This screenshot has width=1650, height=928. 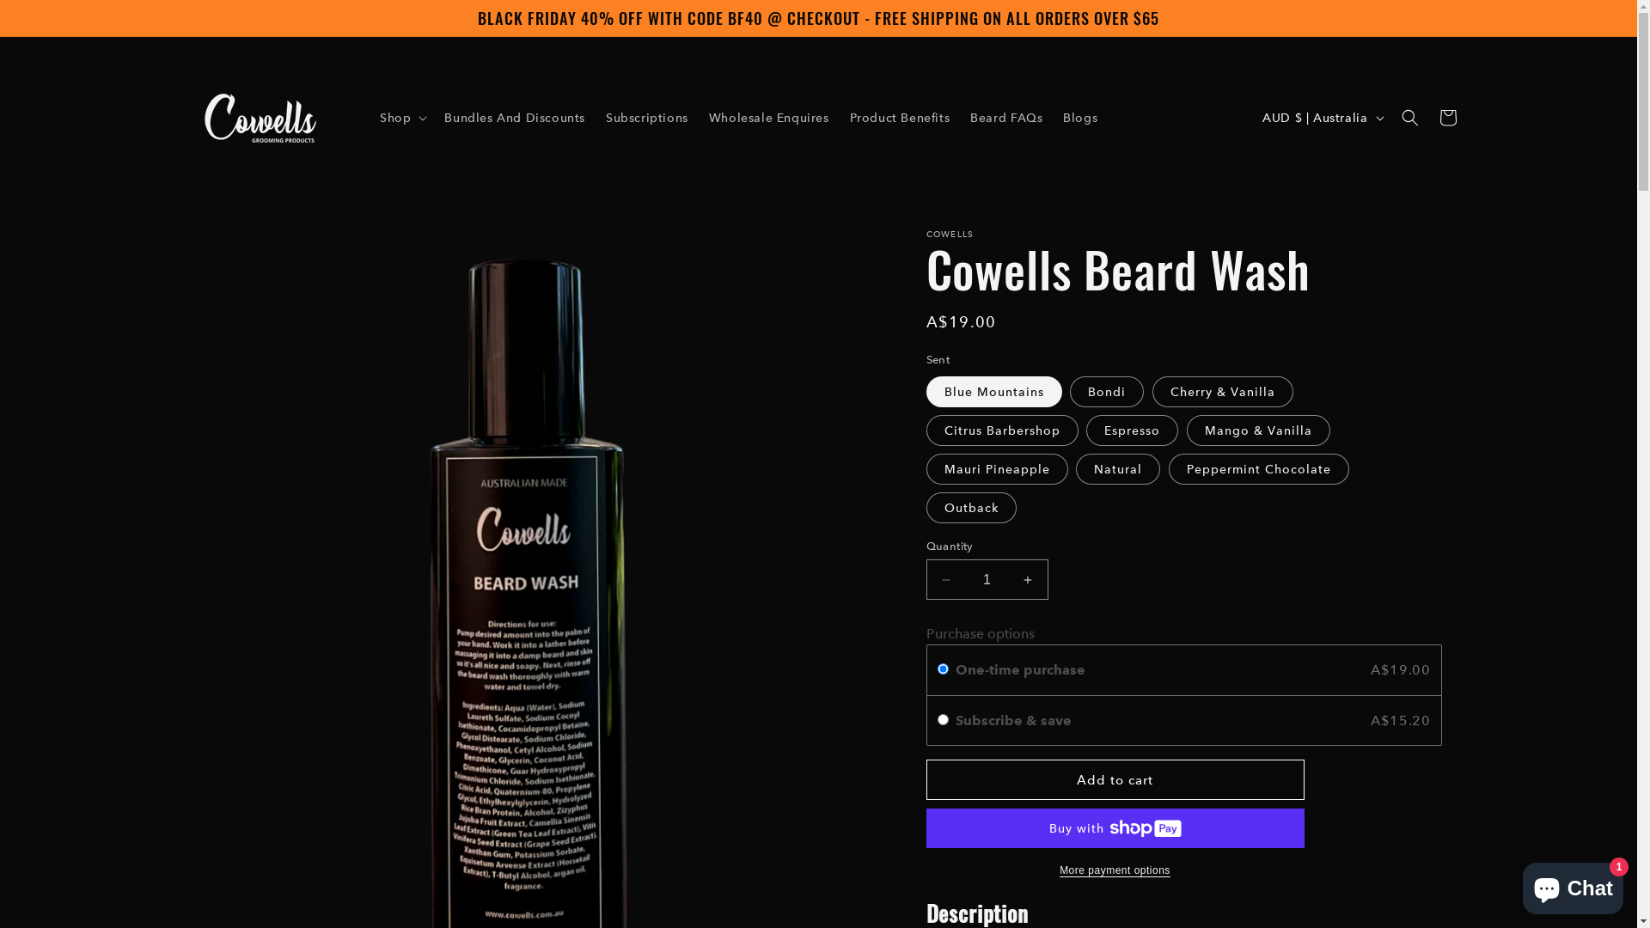 I want to click on 'Shopify online store chat', so click(x=1573, y=884).